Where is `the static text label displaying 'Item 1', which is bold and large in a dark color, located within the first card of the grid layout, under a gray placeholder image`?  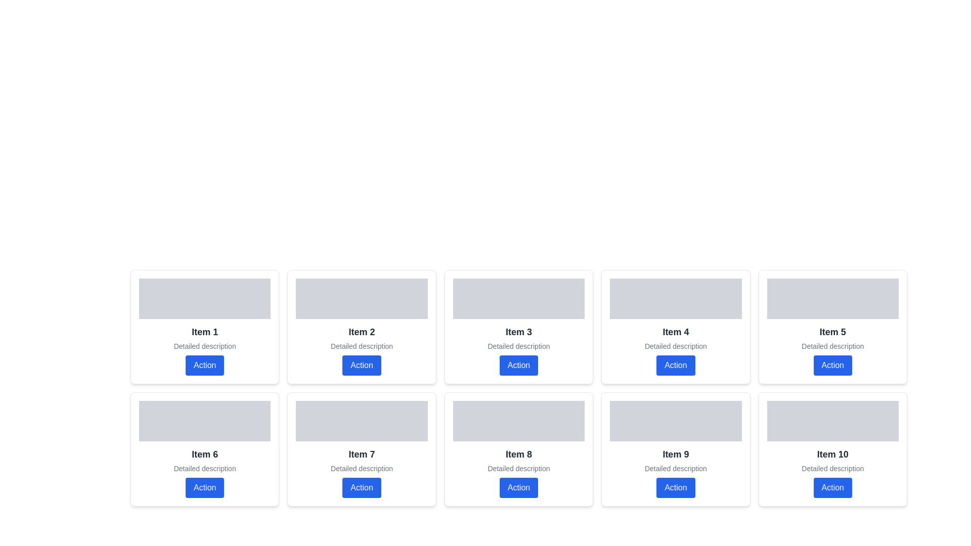 the static text label displaying 'Item 1', which is bold and large in a dark color, located within the first card of the grid layout, under a gray placeholder image is located at coordinates (204, 332).